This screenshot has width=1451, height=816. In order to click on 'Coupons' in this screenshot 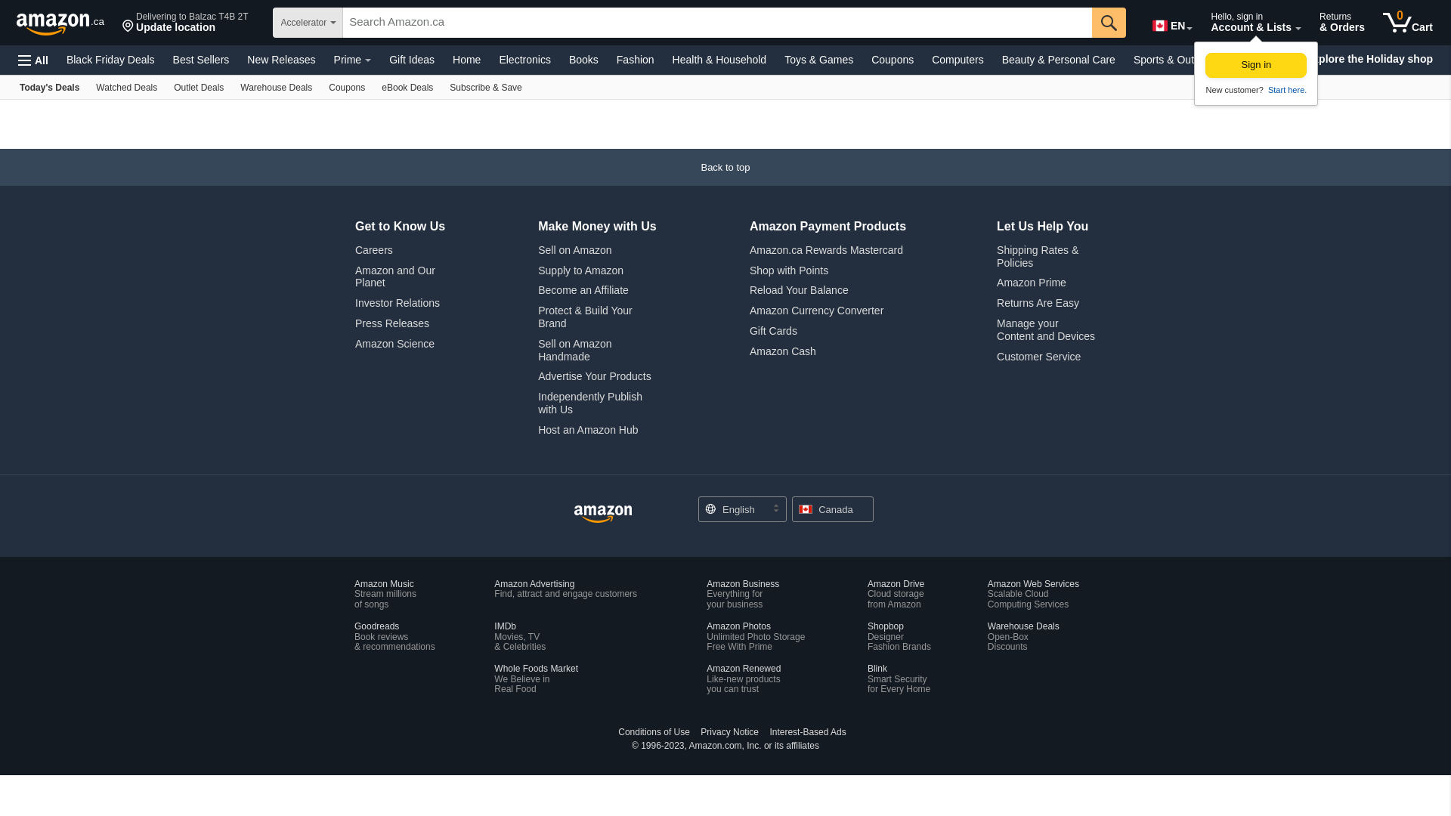, I will do `click(346, 87)`.